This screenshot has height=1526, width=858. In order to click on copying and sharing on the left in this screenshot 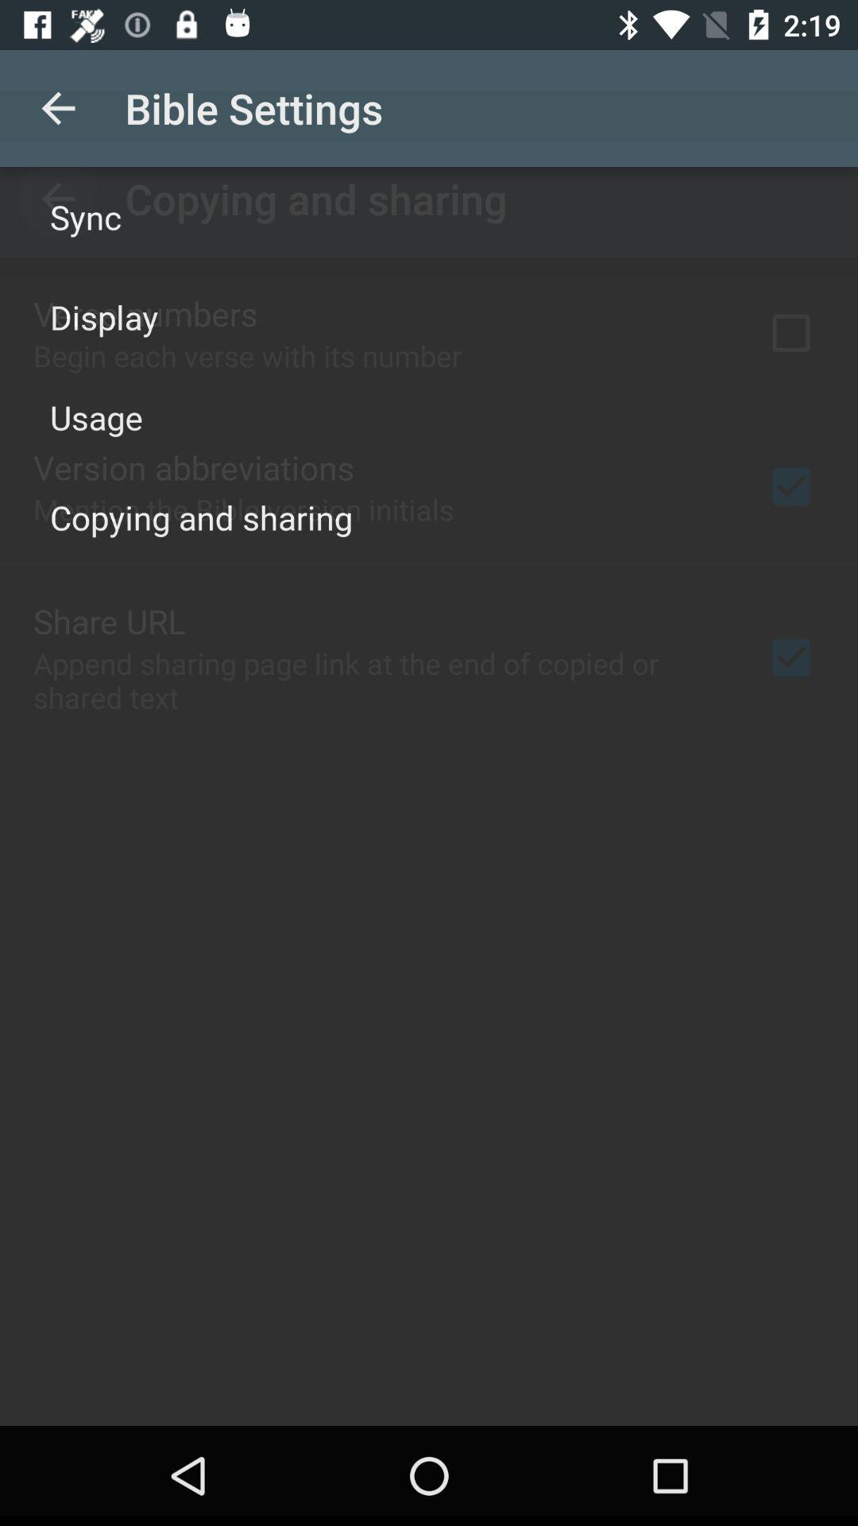, I will do `click(200, 517)`.